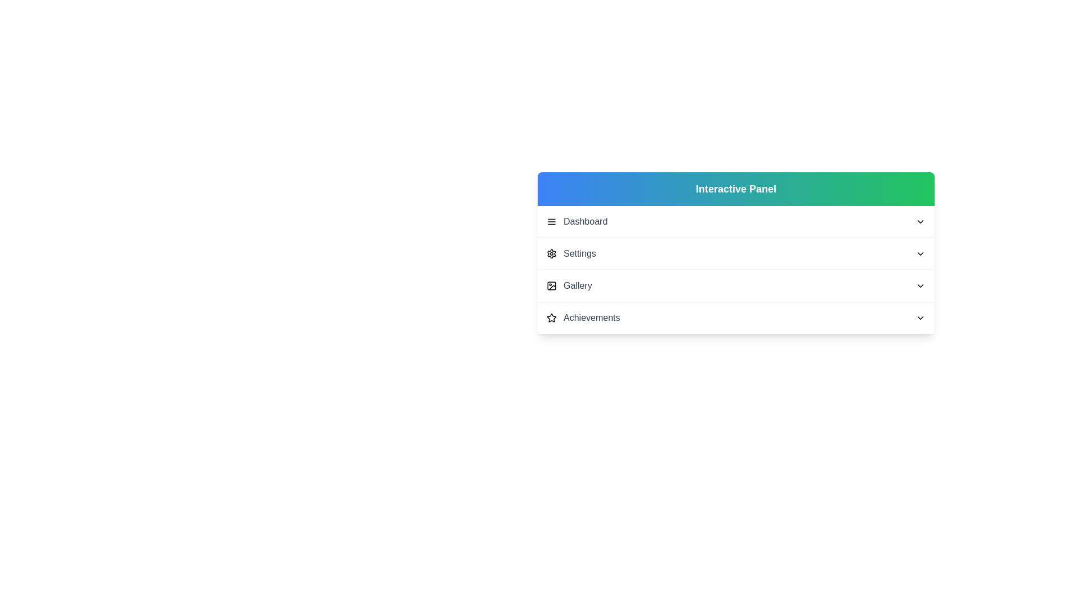 Image resolution: width=1081 pixels, height=608 pixels. What do you see at coordinates (921, 254) in the screenshot?
I see `the chevron icon located at the right end of the 'Settings' row` at bounding box center [921, 254].